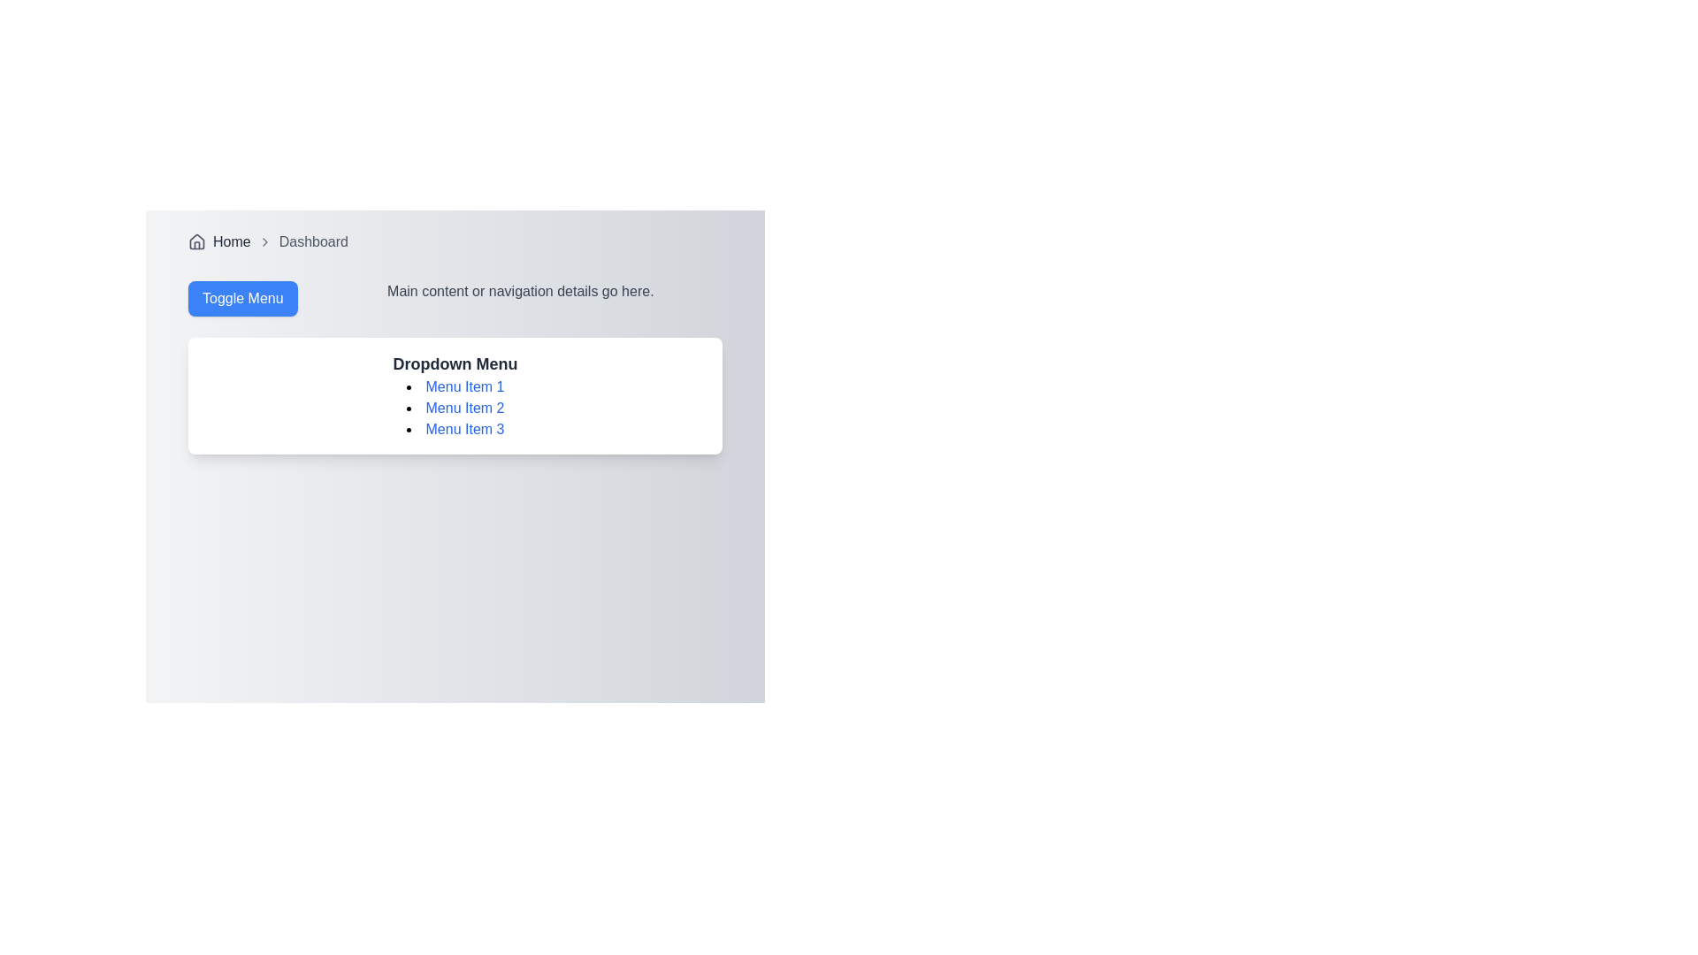 This screenshot has width=1698, height=955. What do you see at coordinates (465, 429) in the screenshot?
I see `the 'Menu Item 3' anchor link in the dropdown menu` at bounding box center [465, 429].